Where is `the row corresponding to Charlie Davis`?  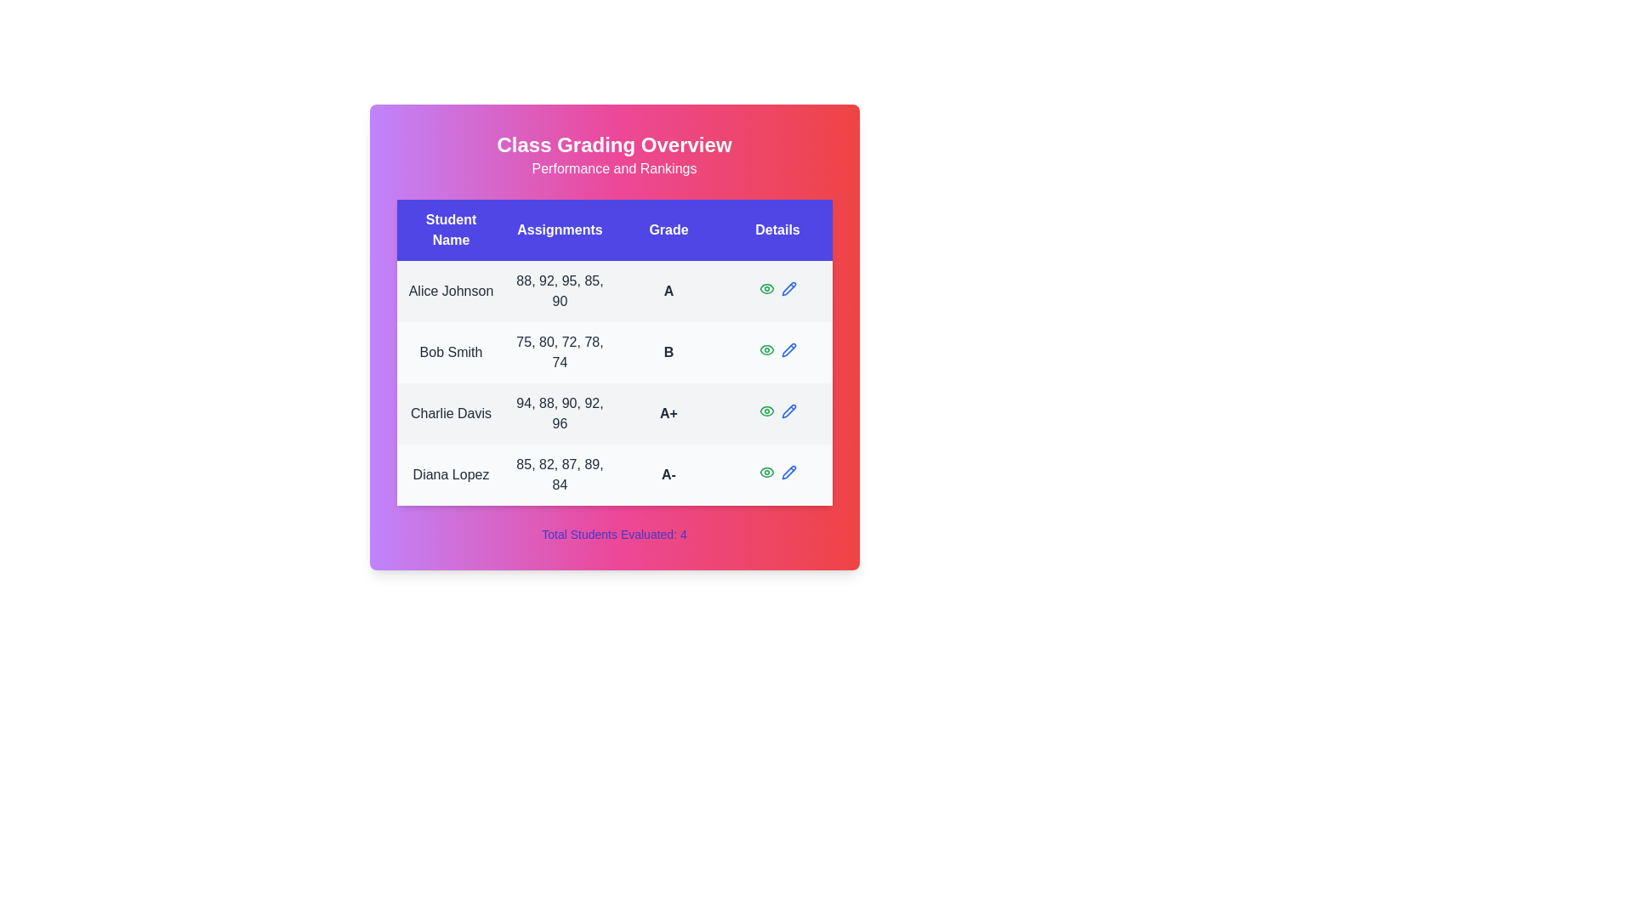 the row corresponding to Charlie Davis is located at coordinates (613, 413).